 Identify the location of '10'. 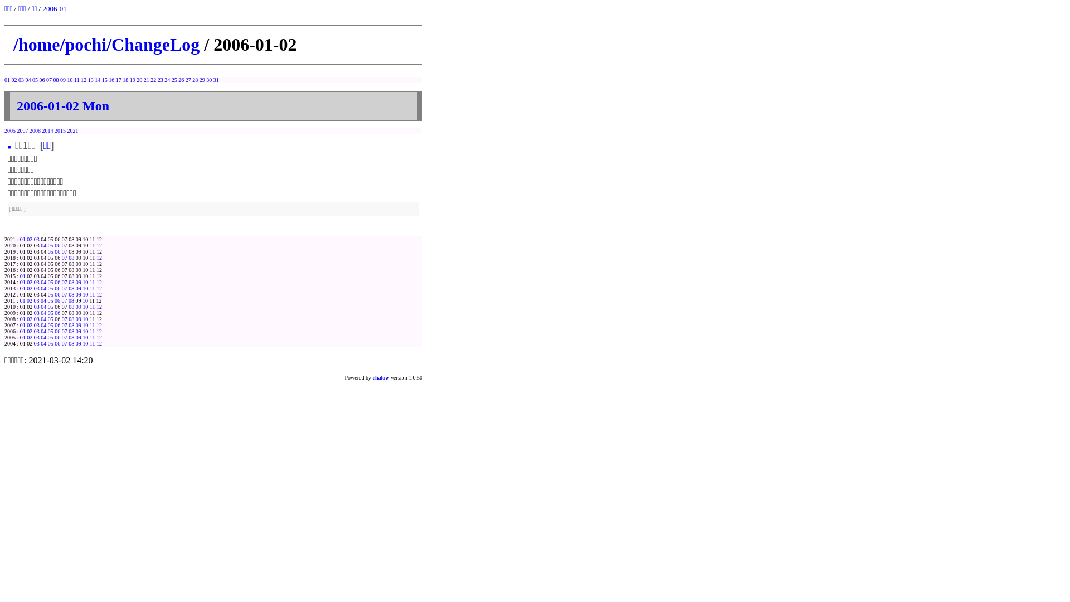
(85, 300).